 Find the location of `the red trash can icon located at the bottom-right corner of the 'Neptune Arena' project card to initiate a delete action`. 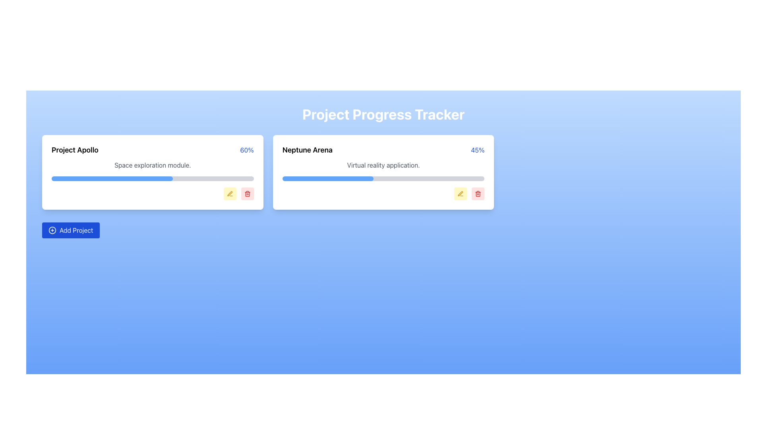

the red trash can icon located at the bottom-right corner of the 'Neptune Arena' project card to initiate a delete action is located at coordinates (478, 194).